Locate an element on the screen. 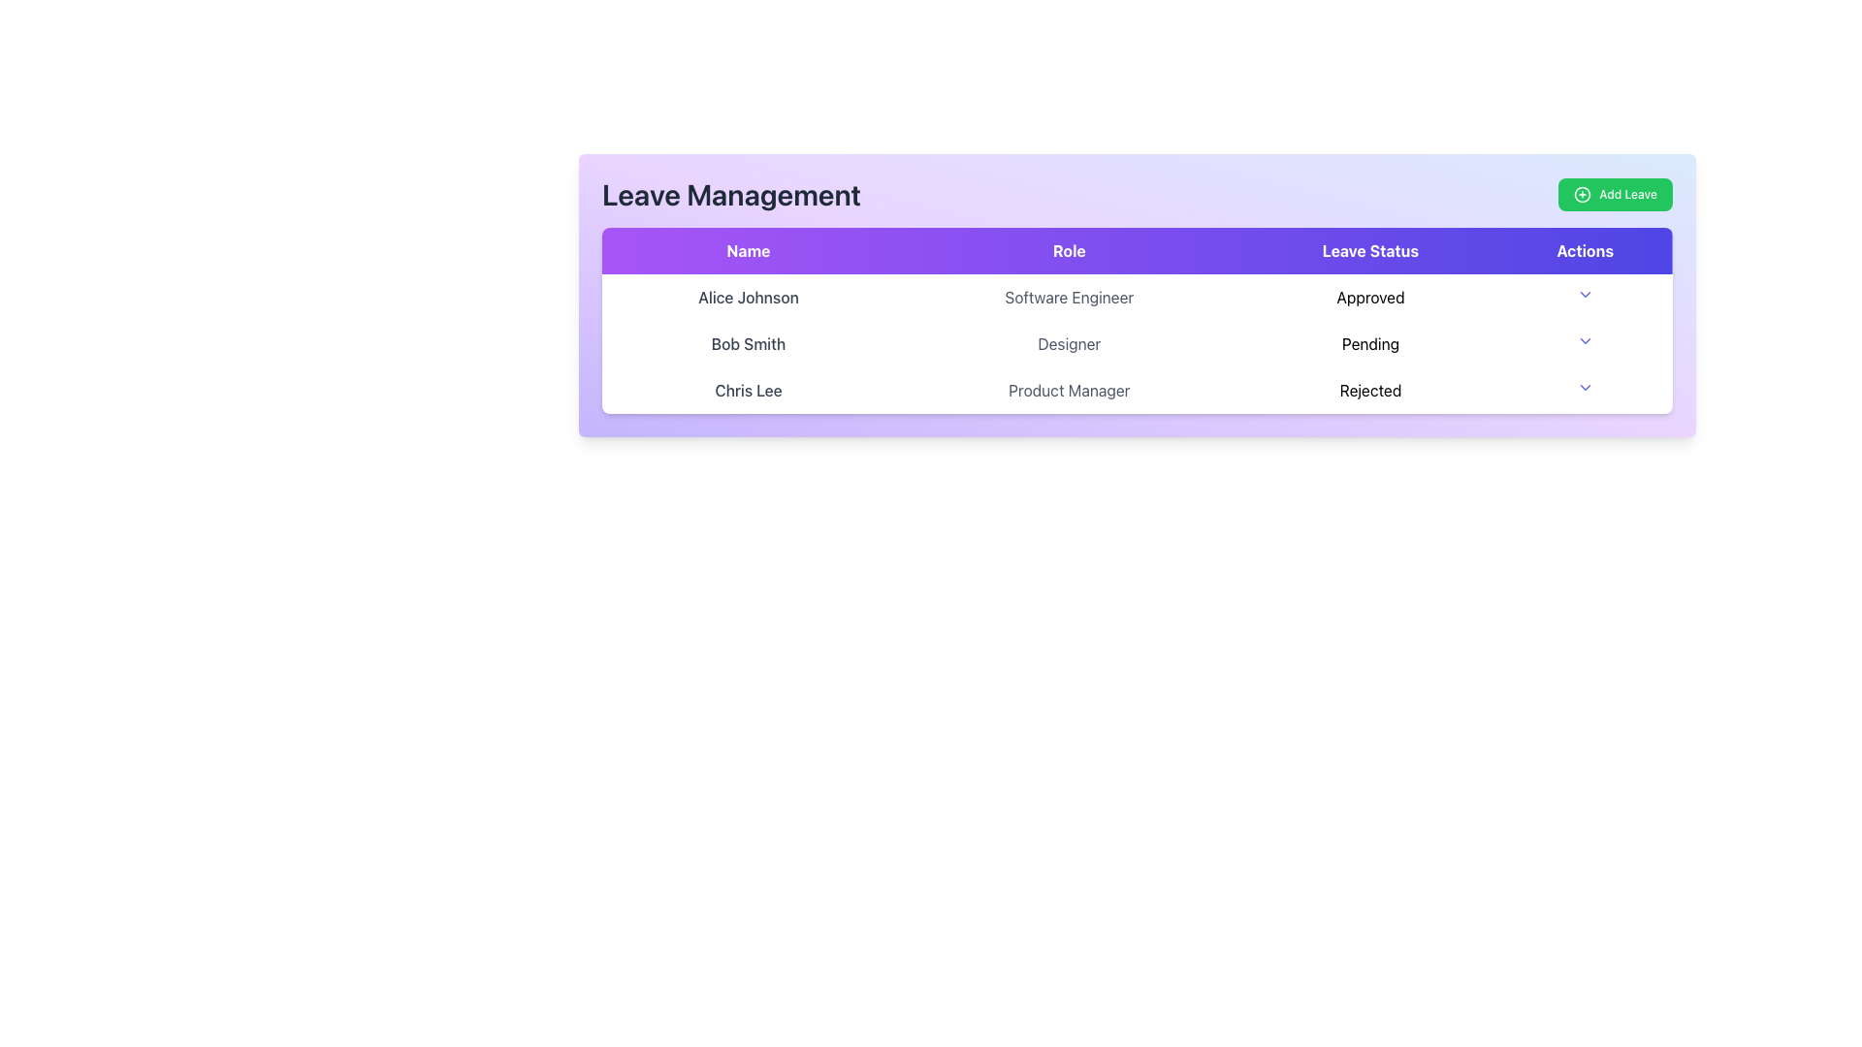 This screenshot has width=1862, height=1047. the text 'Software Engineer' displayed in the second column of the first data row in the table, which serves as a non-interactive label indicating the role of the individual, located to the right of 'Alice Johnson' is located at coordinates (1068, 298).